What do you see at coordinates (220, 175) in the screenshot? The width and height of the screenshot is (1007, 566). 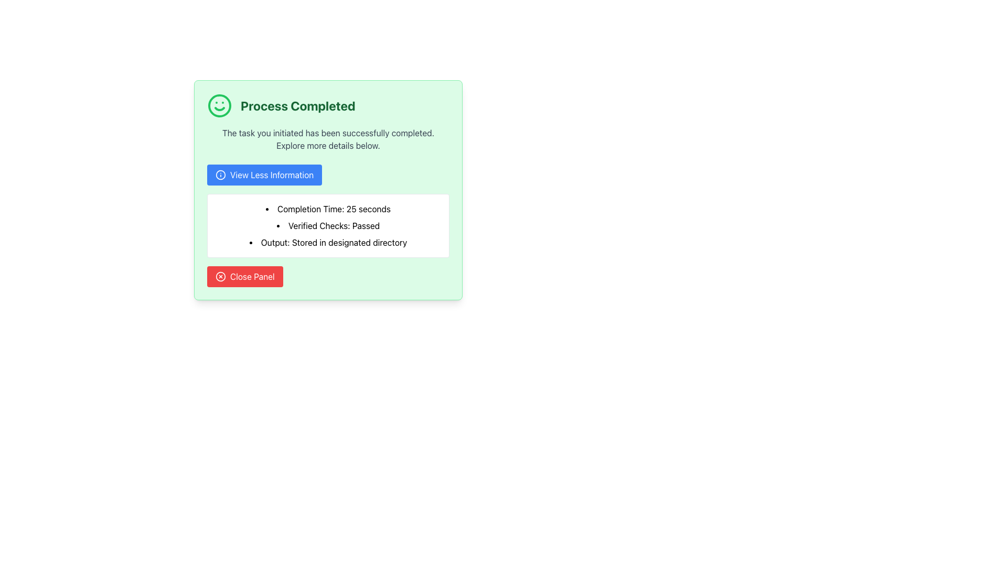 I see `the icon visually complementing the 'View Less Information' button, located on its left-hand side` at bounding box center [220, 175].